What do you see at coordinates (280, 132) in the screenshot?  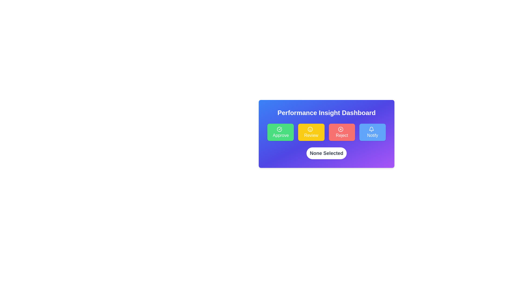 I see `the green 'Approve' button` at bounding box center [280, 132].